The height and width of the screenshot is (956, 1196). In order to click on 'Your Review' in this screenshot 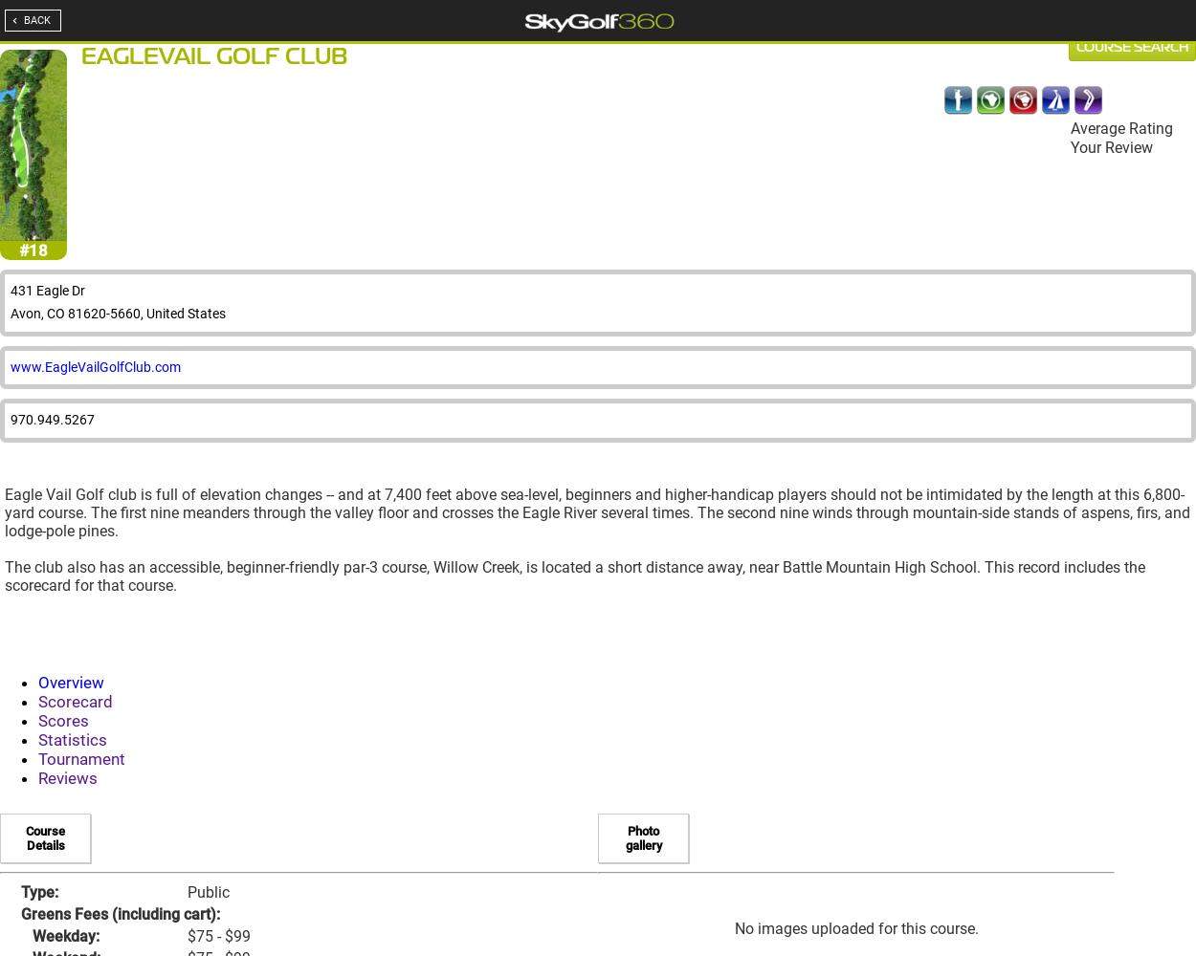, I will do `click(1070, 147)`.